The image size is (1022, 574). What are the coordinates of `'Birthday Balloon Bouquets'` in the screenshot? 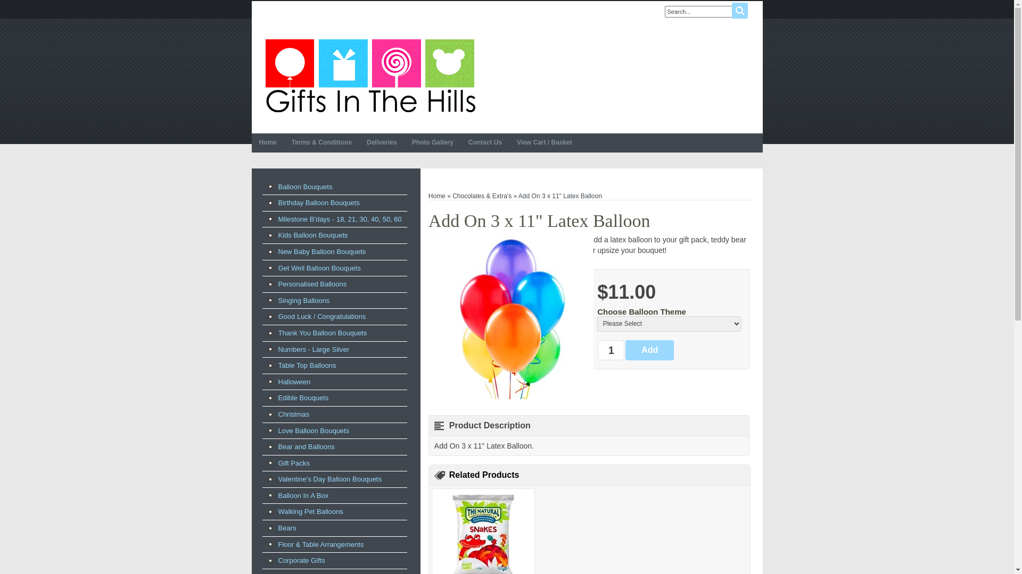 It's located at (334, 202).